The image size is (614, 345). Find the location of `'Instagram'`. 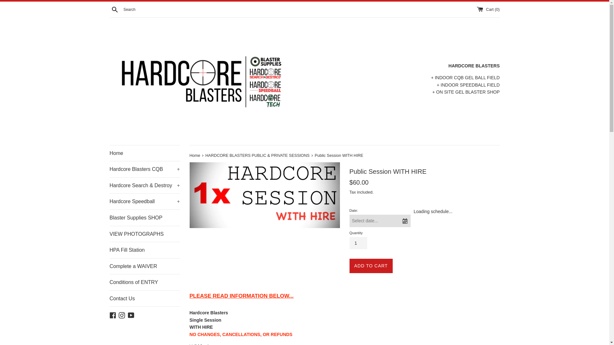

'Instagram' is located at coordinates (122, 314).